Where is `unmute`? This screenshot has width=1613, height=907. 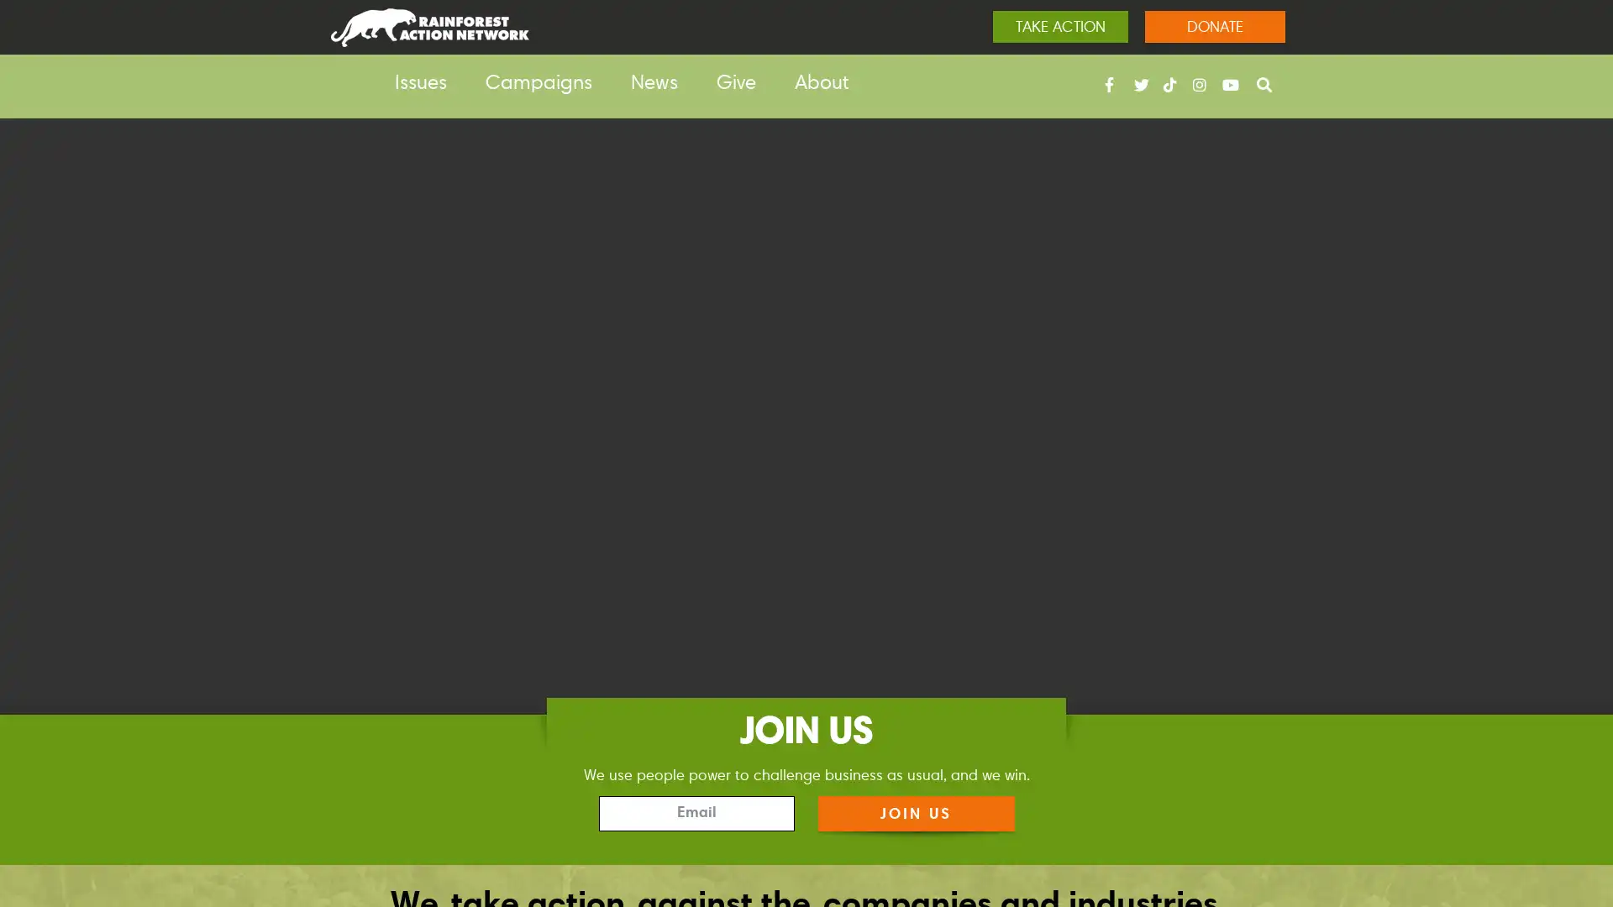
unmute is located at coordinates (1463, 818).